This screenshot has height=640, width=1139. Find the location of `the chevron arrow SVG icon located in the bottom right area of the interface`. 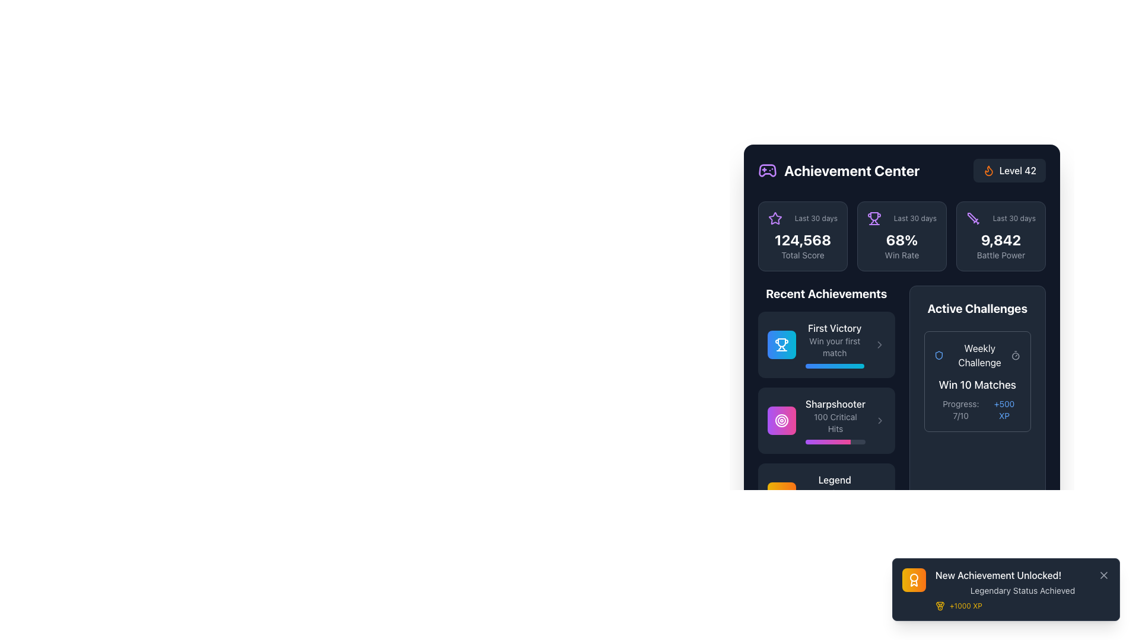

the chevron arrow SVG icon located in the bottom right area of the interface is located at coordinates (879, 496).